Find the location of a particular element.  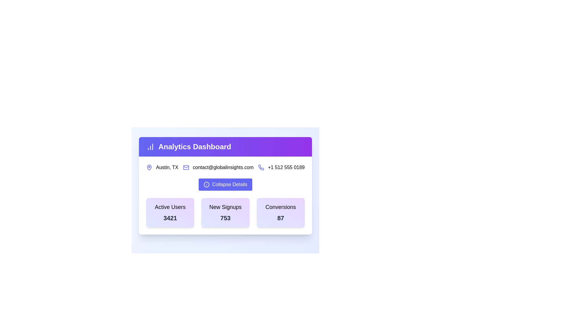

the phone handset icon that represents phone-related information, positioned as the third element in a horizontal layout group containing location and email icons is located at coordinates (261, 168).